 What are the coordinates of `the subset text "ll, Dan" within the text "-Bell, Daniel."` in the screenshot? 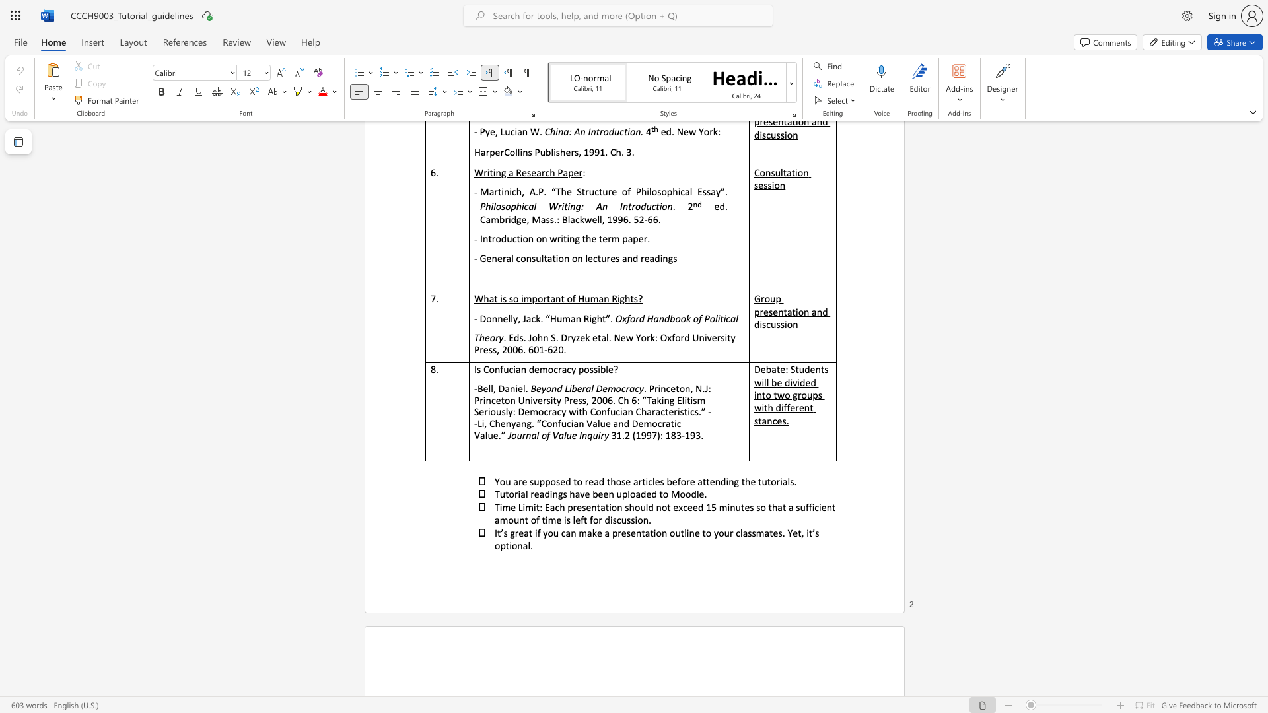 It's located at (487, 388).